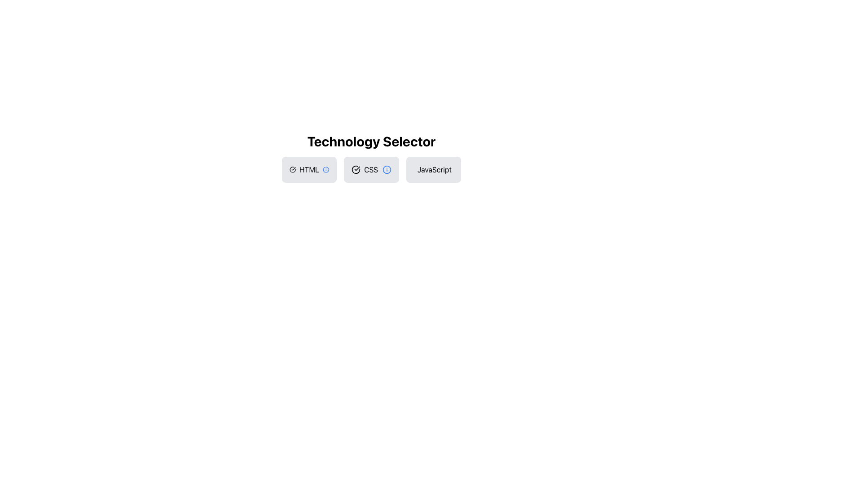  What do you see at coordinates (434, 170) in the screenshot?
I see `the 'JavaScript' button, which is the third button in a horizontal group of three buttons, to observe the hover effect` at bounding box center [434, 170].